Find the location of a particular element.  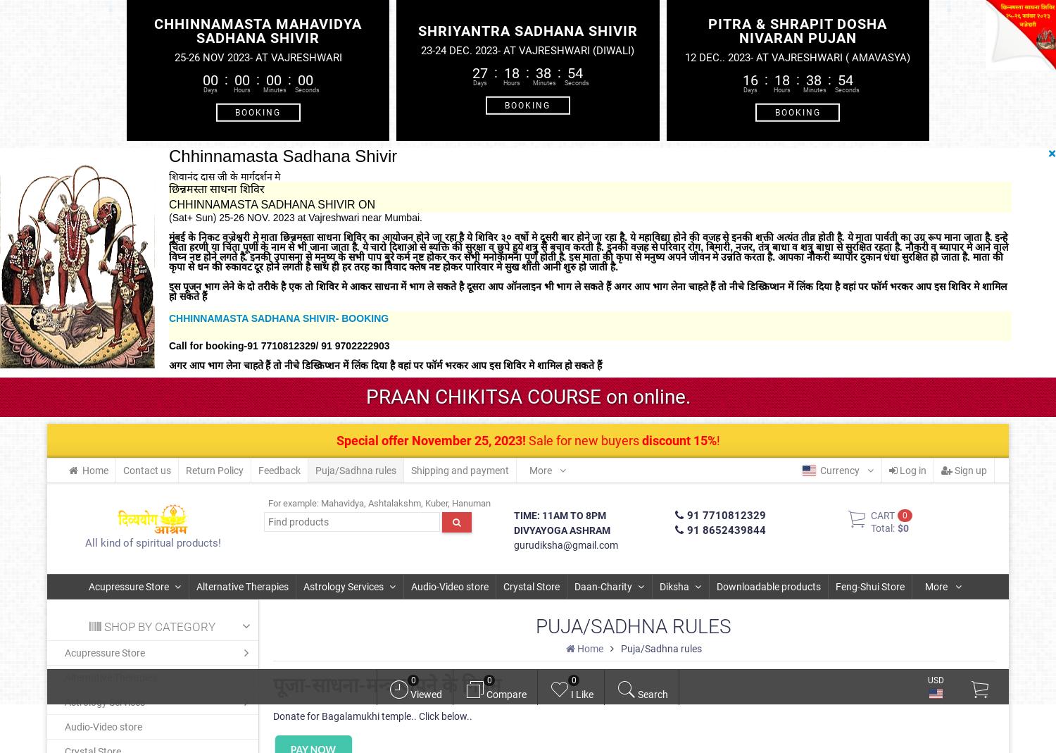

'Feng-Shui Store' is located at coordinates (869, 586).